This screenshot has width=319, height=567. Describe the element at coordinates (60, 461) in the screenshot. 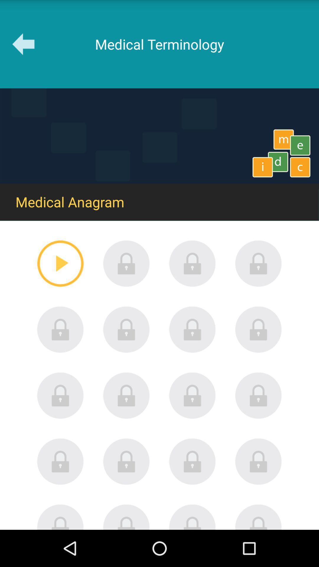

I see `level lock icon` at that location.